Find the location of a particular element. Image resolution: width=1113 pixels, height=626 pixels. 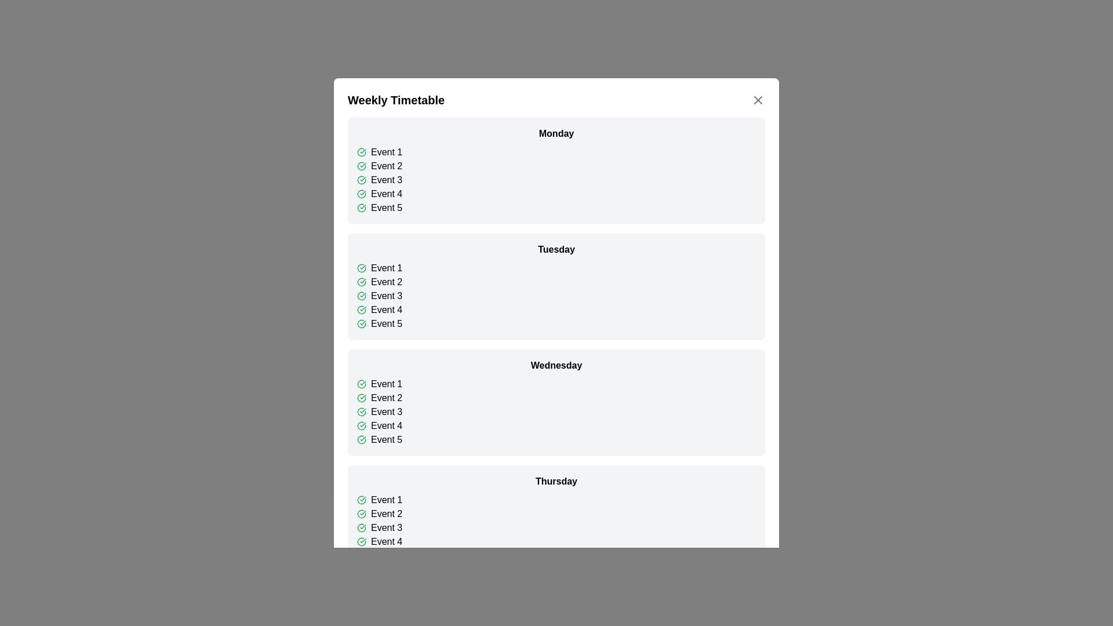

close button at the top-right corner of the dialog is located at coordinates (758, 100).